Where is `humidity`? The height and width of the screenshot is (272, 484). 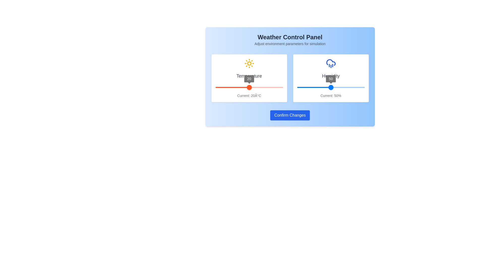 humidity is located at coordinates (359, 87).